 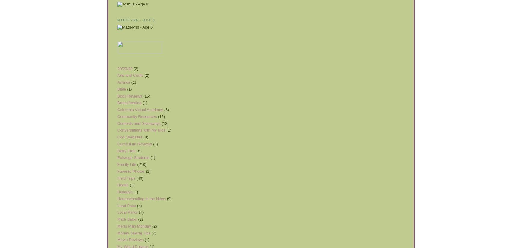 What do you see at coordinates (131, 171) in the screenshot?
I see `'Favorite Photos'` at bounding box center [131, 171].